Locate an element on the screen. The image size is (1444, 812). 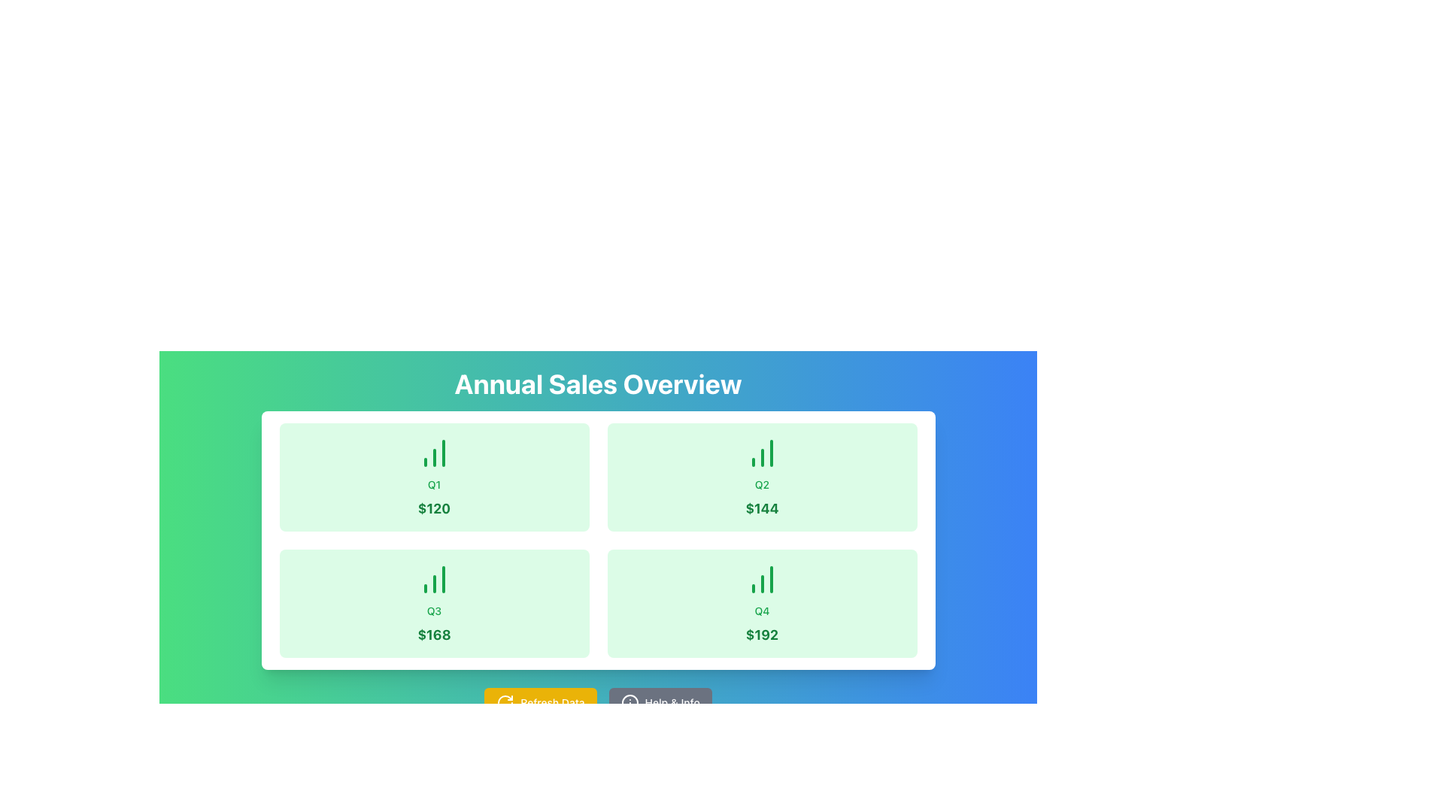
the graphical chart representation icon for the fourth quarter located in the bottom-right quadrant of the main interface, above the text 'Q4' and '$192' is located at coordinates (762, 579).